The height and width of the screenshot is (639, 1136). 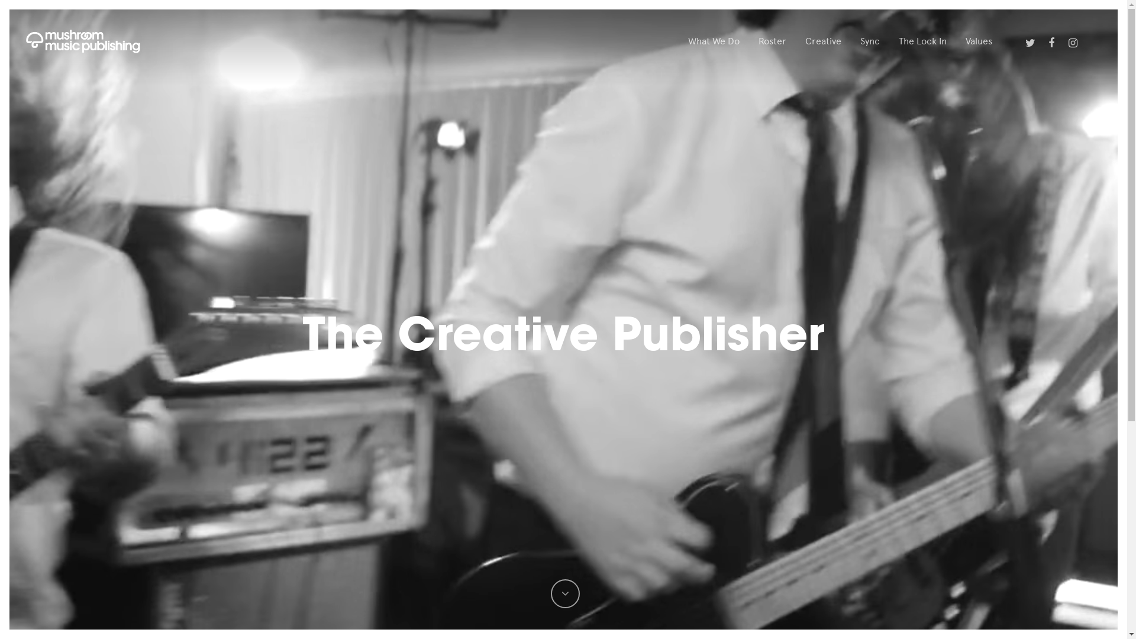 What do you see at coordinates (979, 40) in the screenshot?
I see `'Values'` at bounding box center [979, 40].